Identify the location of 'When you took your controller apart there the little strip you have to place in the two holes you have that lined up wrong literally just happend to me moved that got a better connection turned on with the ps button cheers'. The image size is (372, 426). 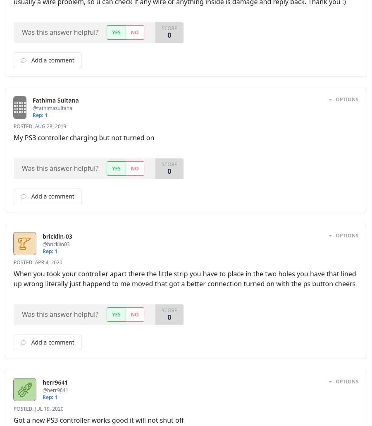
(185, 278).